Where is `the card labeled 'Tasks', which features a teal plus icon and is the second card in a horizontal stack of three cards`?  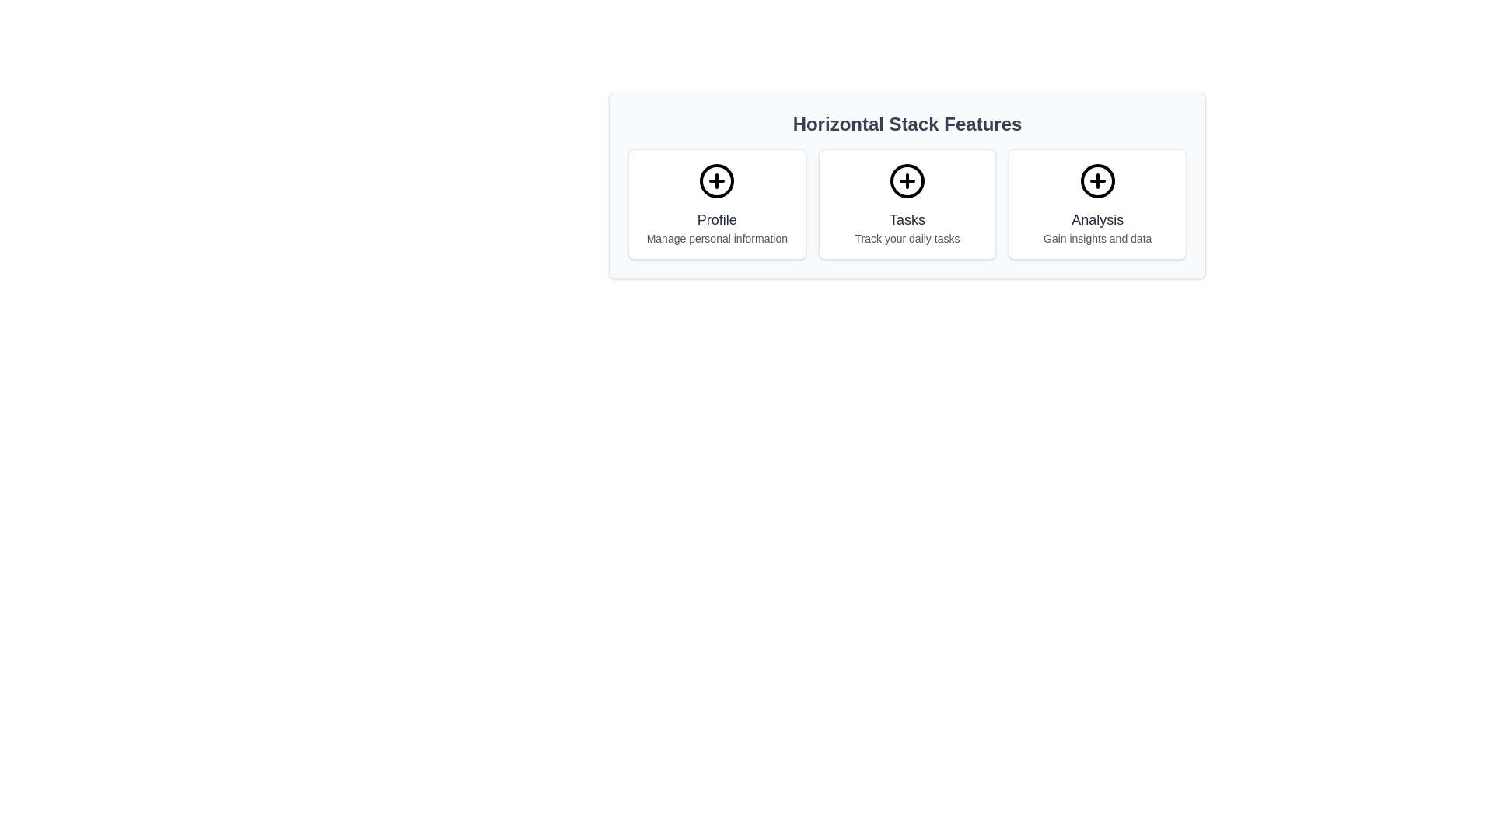
the card labeled 'Tasks', which features a teal plus icon and is the second card in a horizontal stack of three cards is located at coordinates (907, 203).